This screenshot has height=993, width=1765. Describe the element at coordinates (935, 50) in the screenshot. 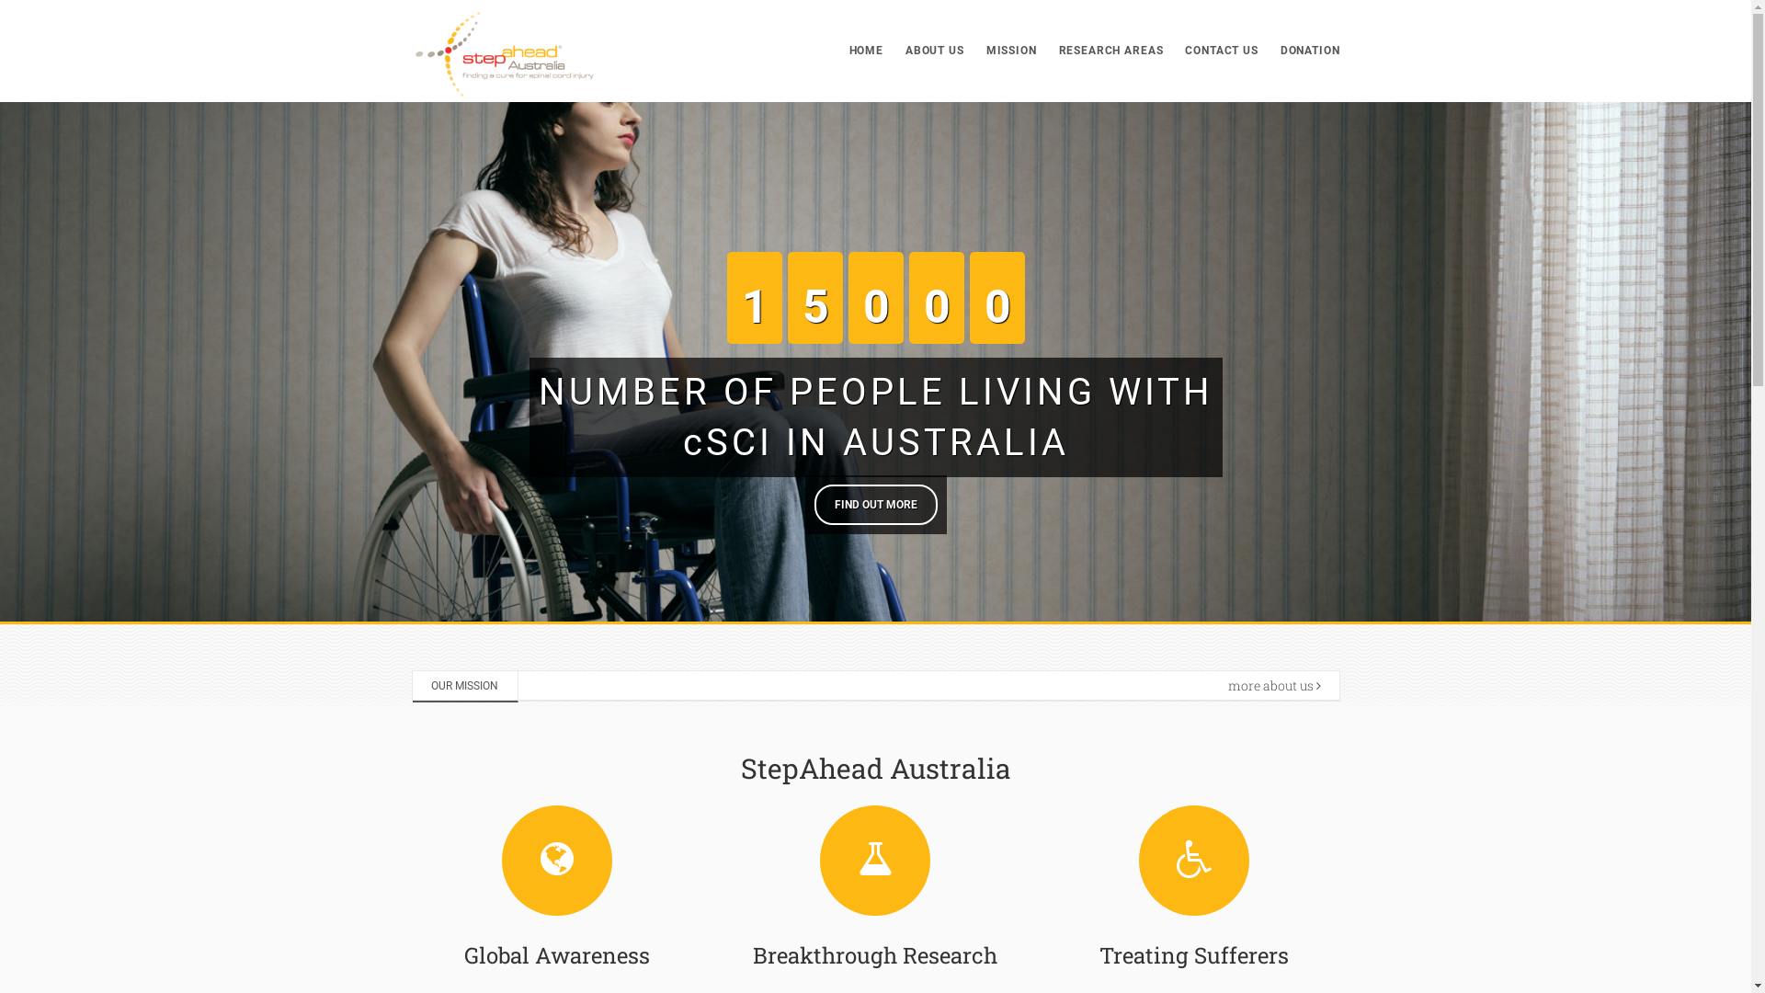

I see `'ABOUT US'` at that location.